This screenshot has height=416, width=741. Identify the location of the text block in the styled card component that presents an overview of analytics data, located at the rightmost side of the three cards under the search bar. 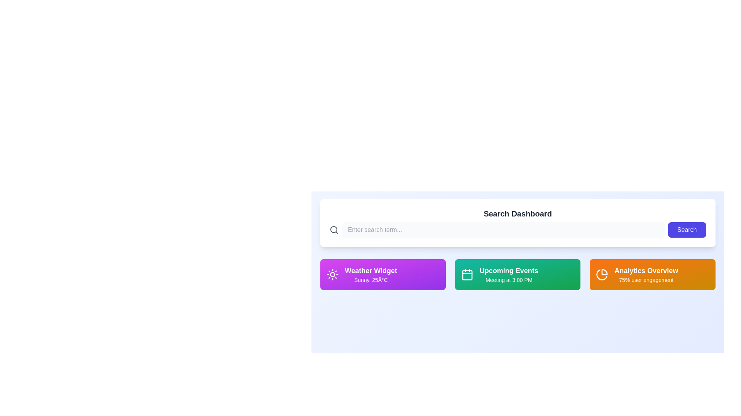
(646, 274).